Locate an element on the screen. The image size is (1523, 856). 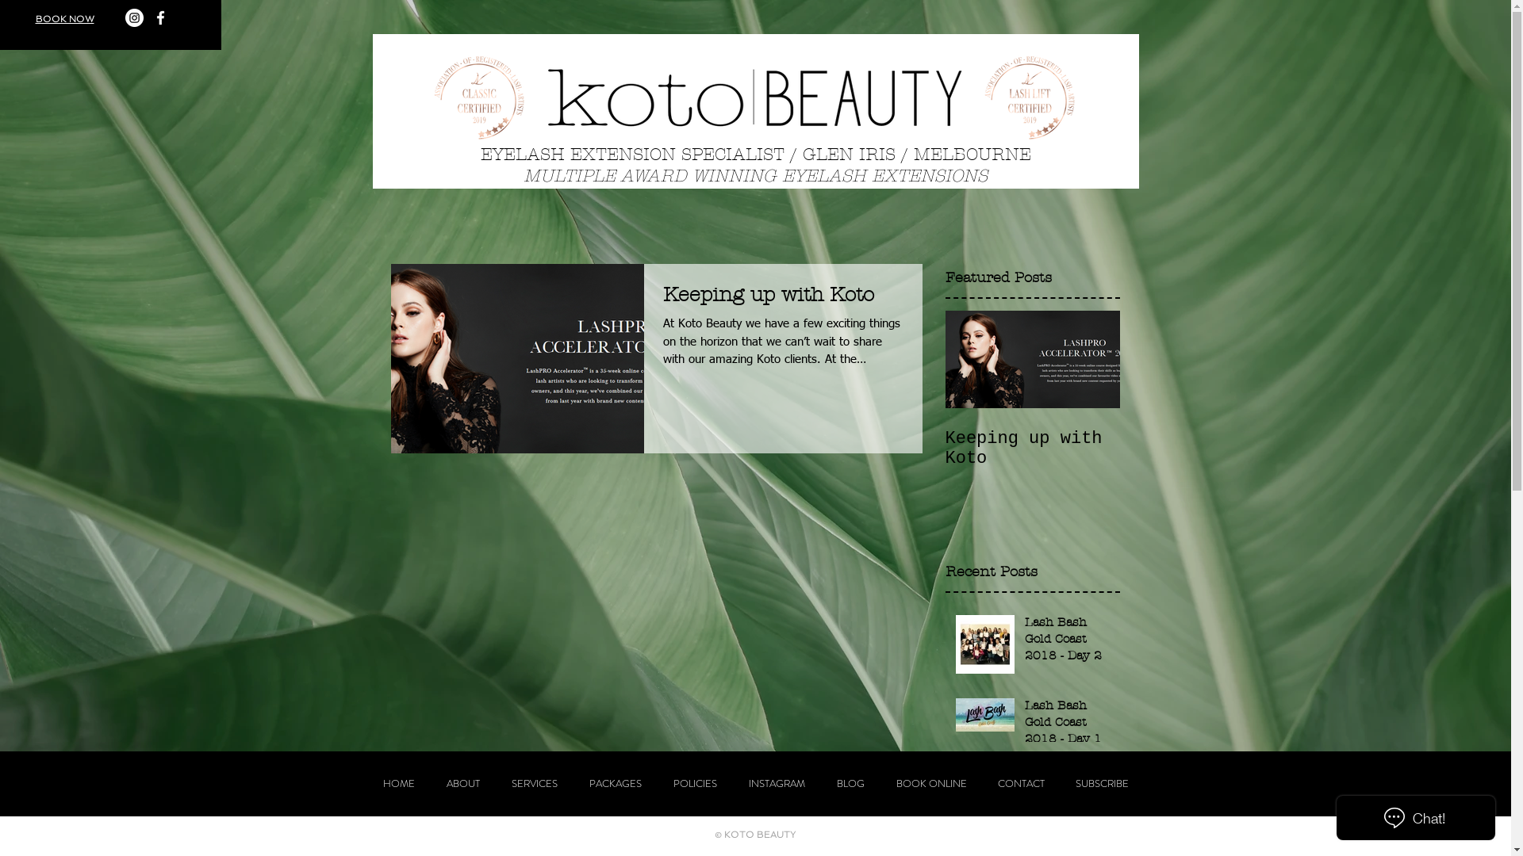
'POLICIES' is located at coordinates (694, 782).